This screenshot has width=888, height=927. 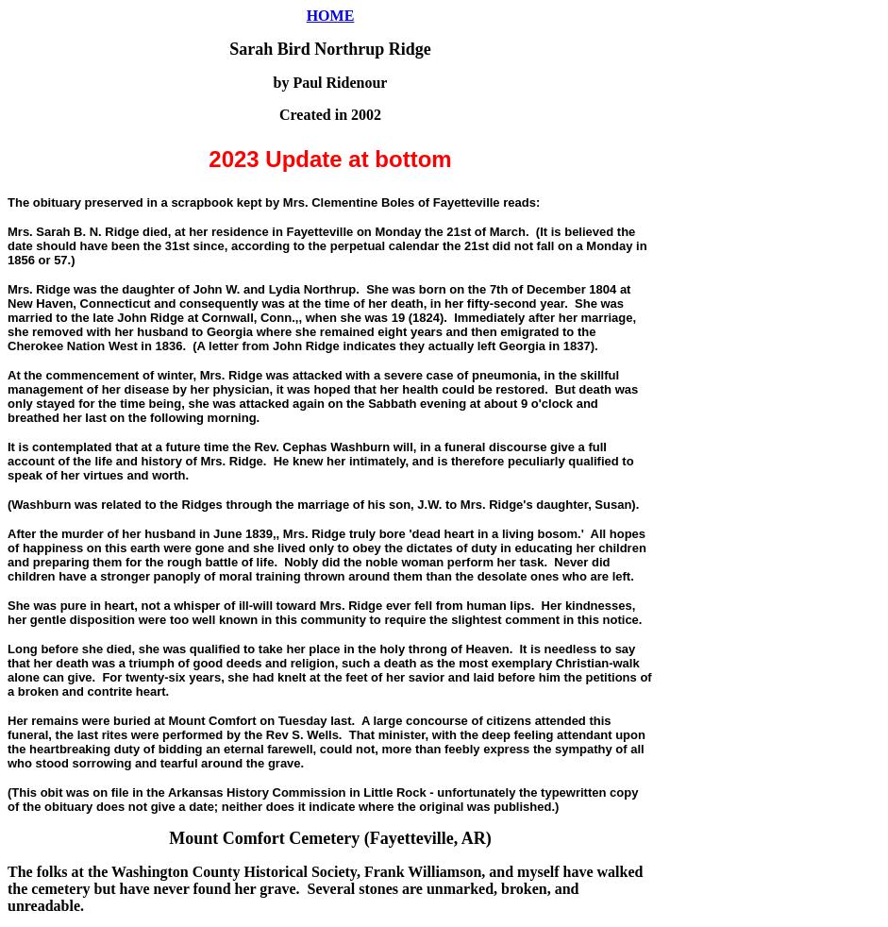 I want to click on 'by Paul Ridenour', so click(x=329, y=81).